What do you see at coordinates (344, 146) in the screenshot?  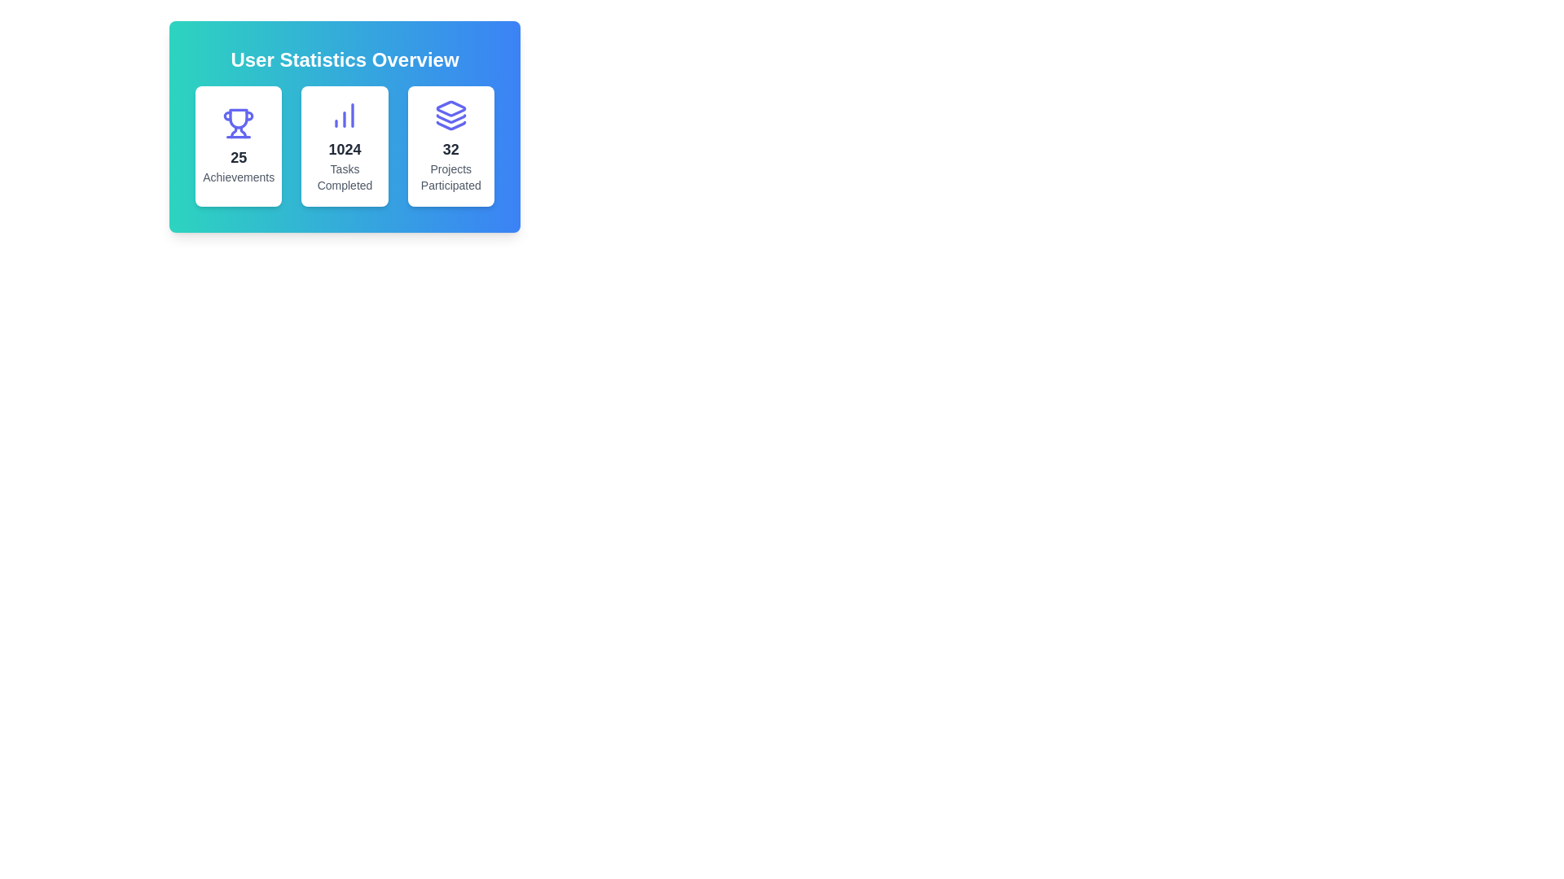 I see `the statistic card displaying the bold numerical value and descriptive text in the second column of the three-column grid layout under the title 'User Statistics Overview'` at bounding box center [344, 146].